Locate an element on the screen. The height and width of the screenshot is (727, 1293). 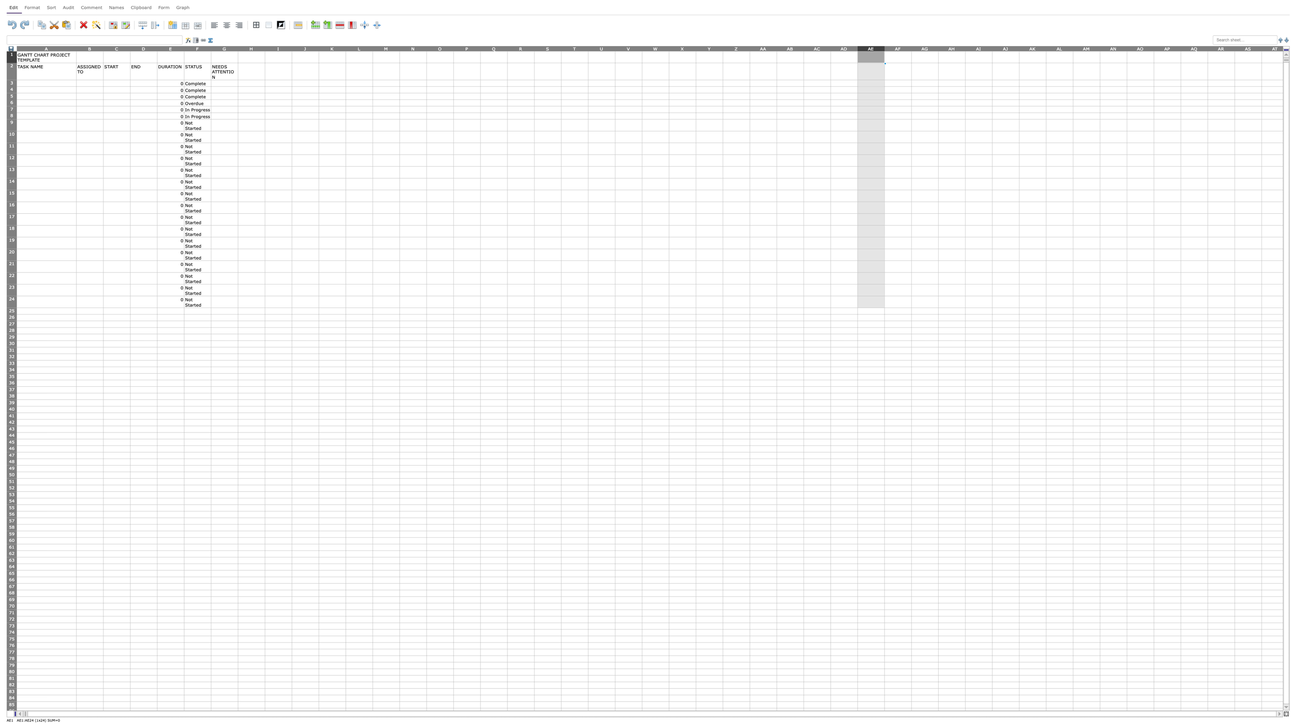
the right edge of column AF to resize is located at coordinates (911, 48).